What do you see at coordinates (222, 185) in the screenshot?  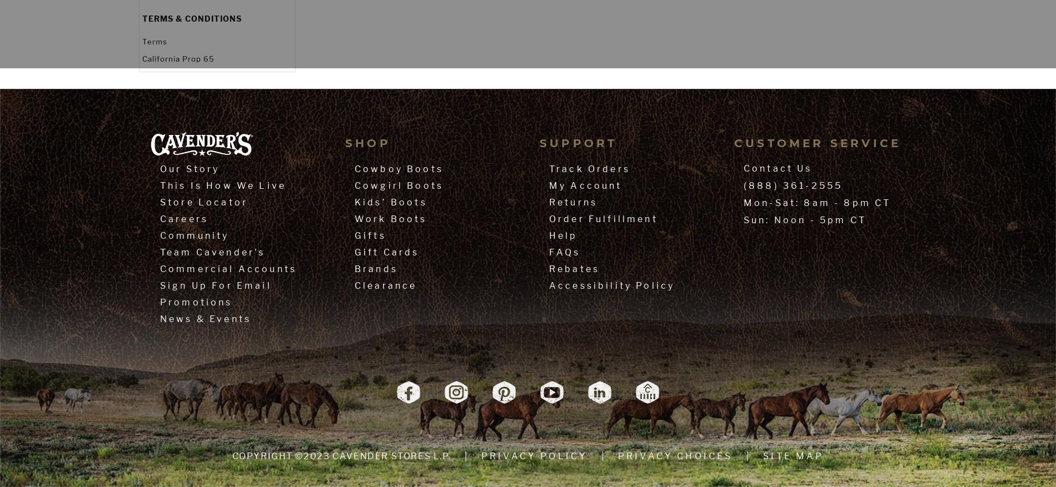 I see `'This Is How We Live'` at bounding box center [222, 185].